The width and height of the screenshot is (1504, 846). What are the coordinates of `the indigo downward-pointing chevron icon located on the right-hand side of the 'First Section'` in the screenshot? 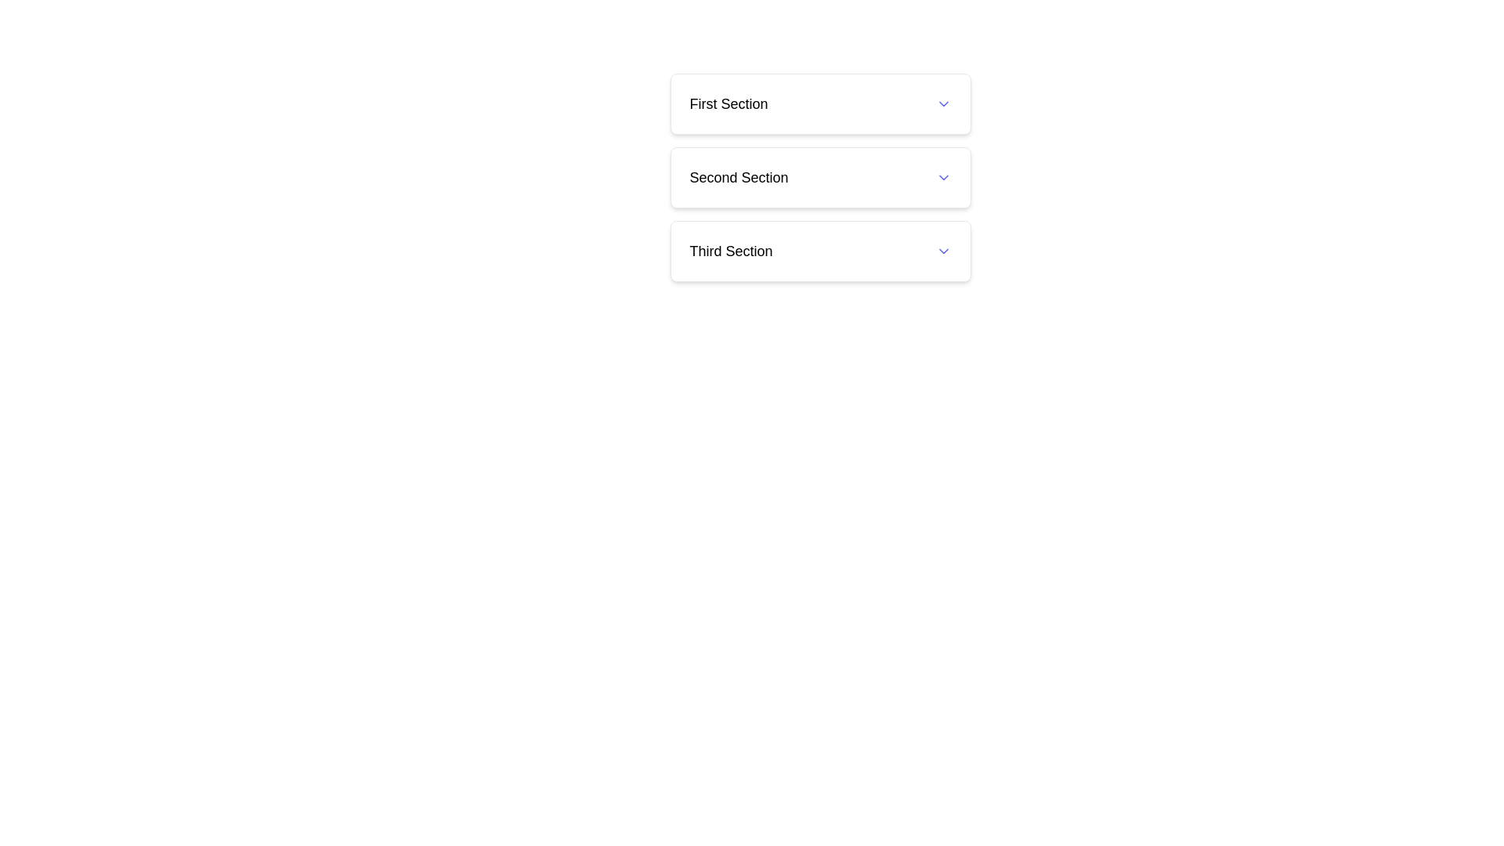 It's located at (942, 103).